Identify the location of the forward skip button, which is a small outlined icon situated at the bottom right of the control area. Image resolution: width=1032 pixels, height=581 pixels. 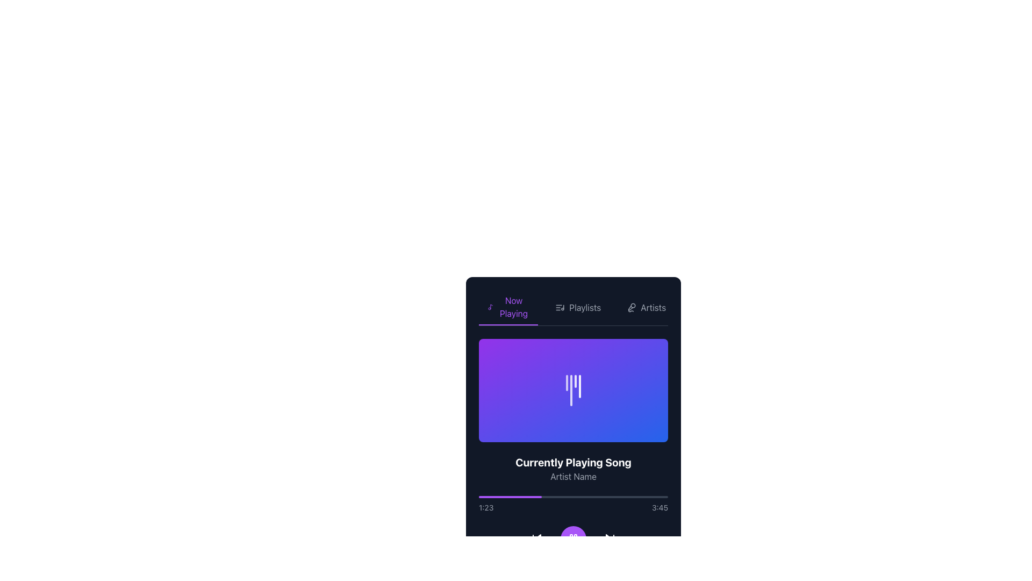
(610, 539).